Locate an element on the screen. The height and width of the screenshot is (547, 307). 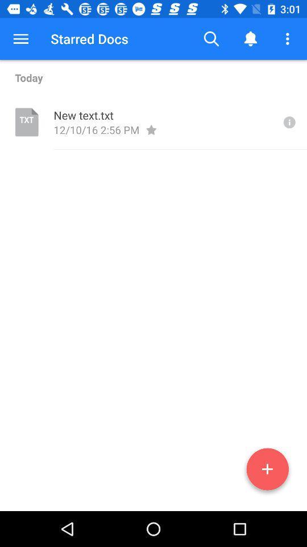
option is located at coordinates (267, 471).